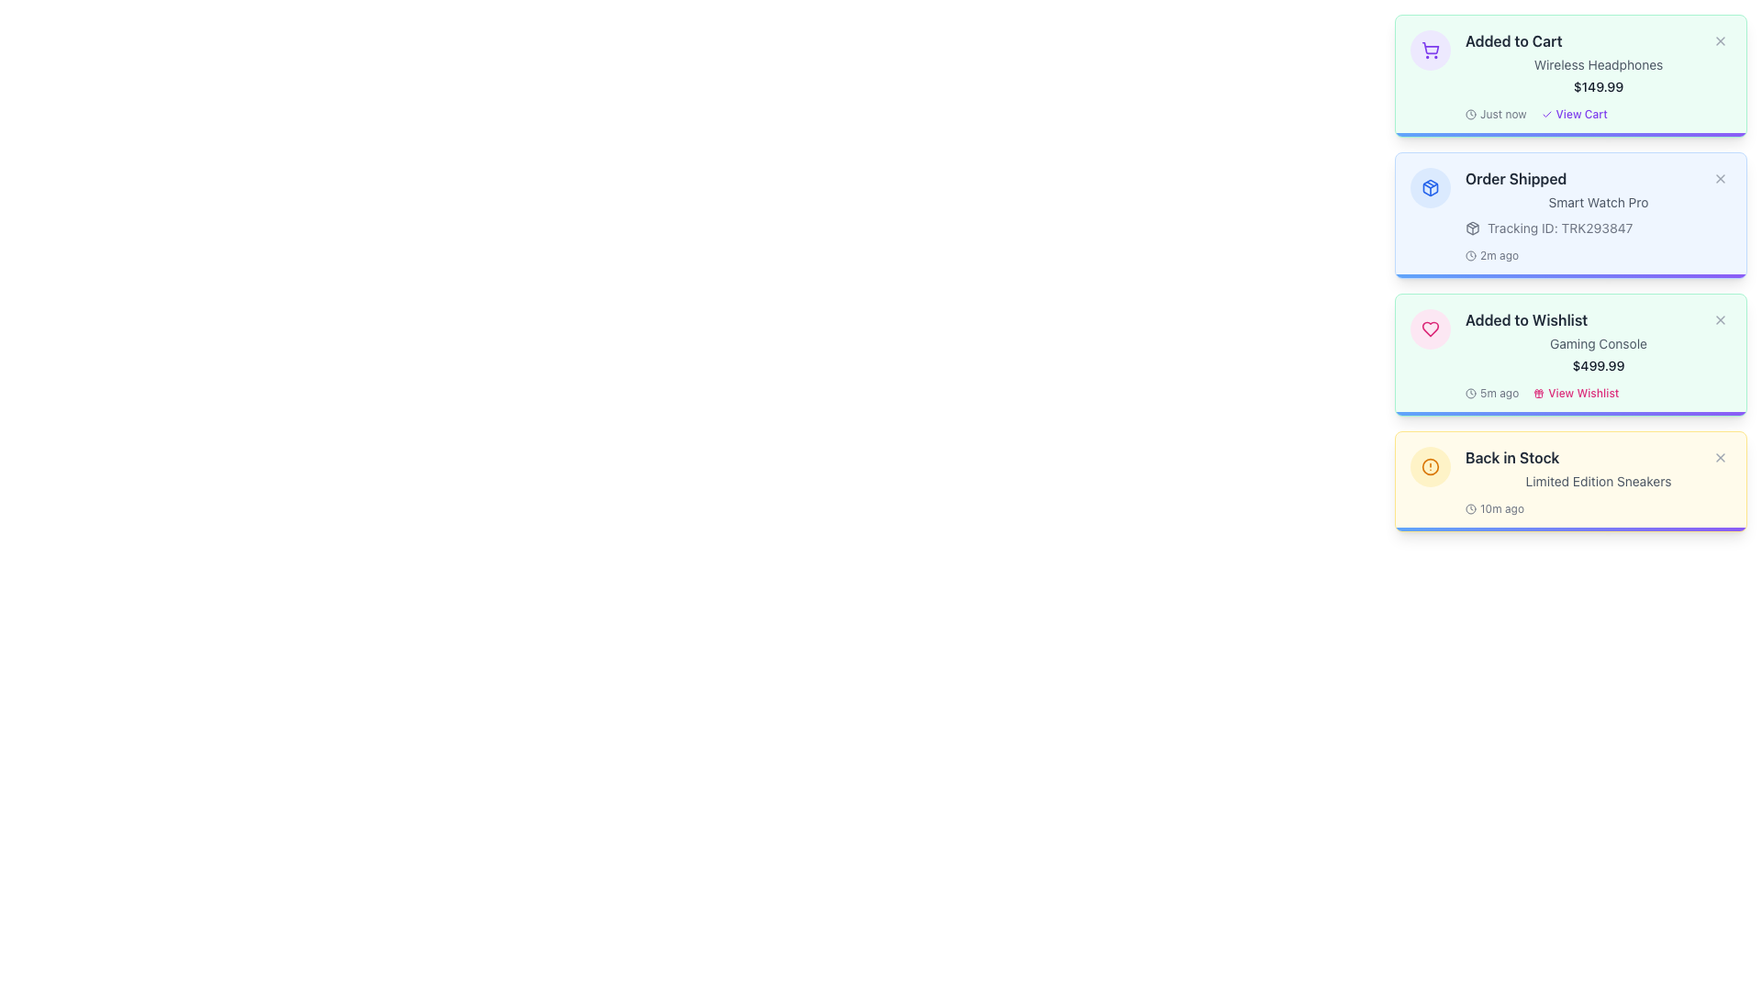  What do you see at coordinates (1430, 328) in the screenshot?
I see `the heart icon located in the third notification card titled 'Added to Wishlist' on the left side of the card to interact with the wishlist feature` at bounding box center [1430, 328].